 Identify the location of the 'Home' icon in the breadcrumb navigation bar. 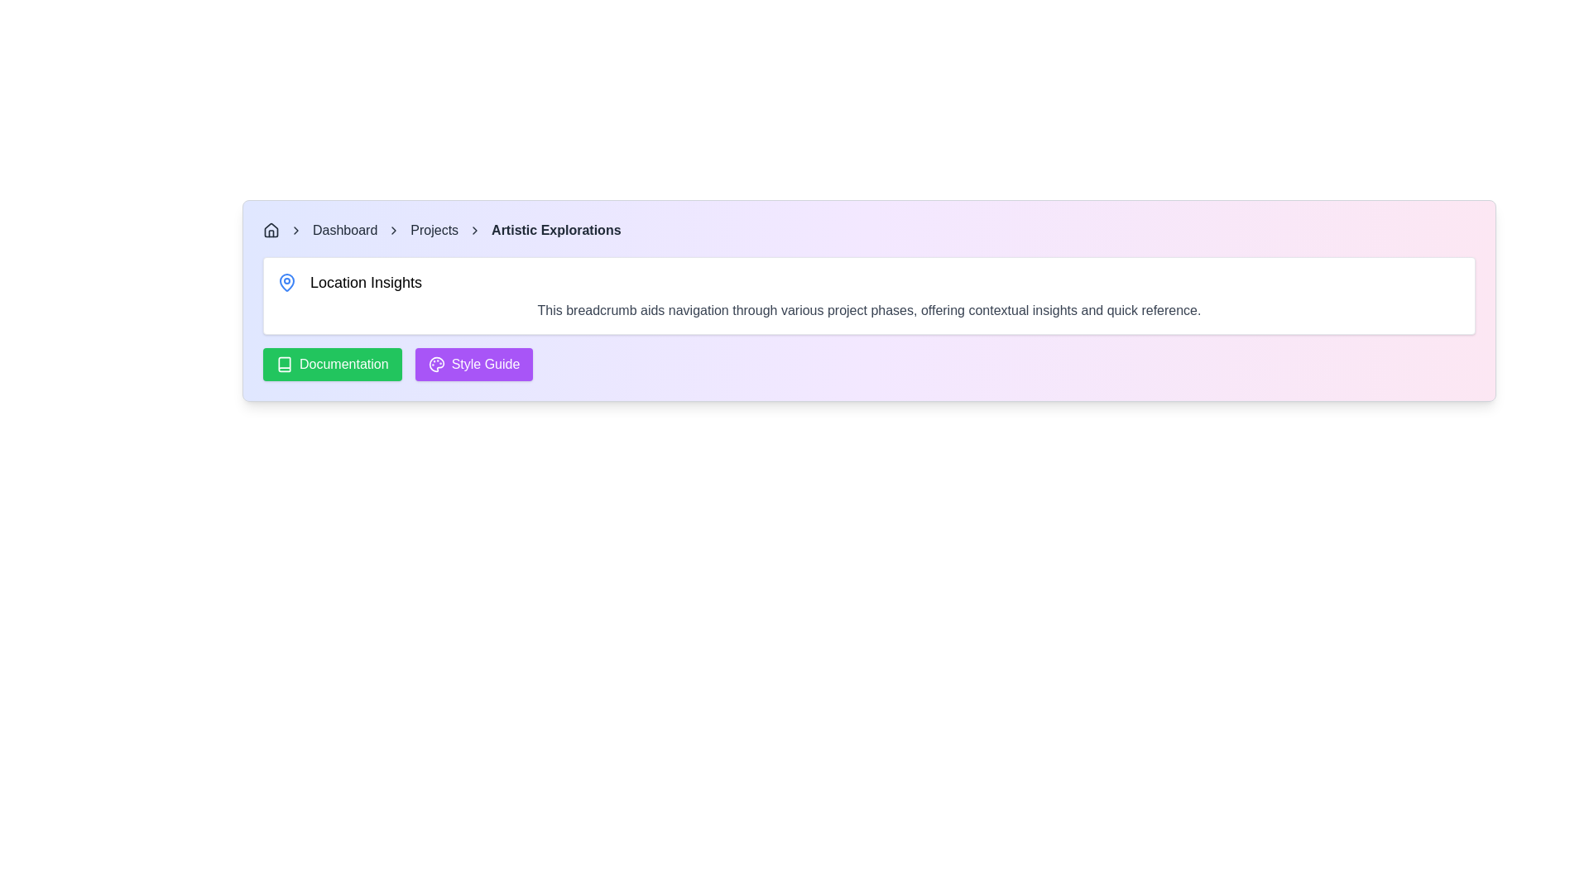
(271, 230).